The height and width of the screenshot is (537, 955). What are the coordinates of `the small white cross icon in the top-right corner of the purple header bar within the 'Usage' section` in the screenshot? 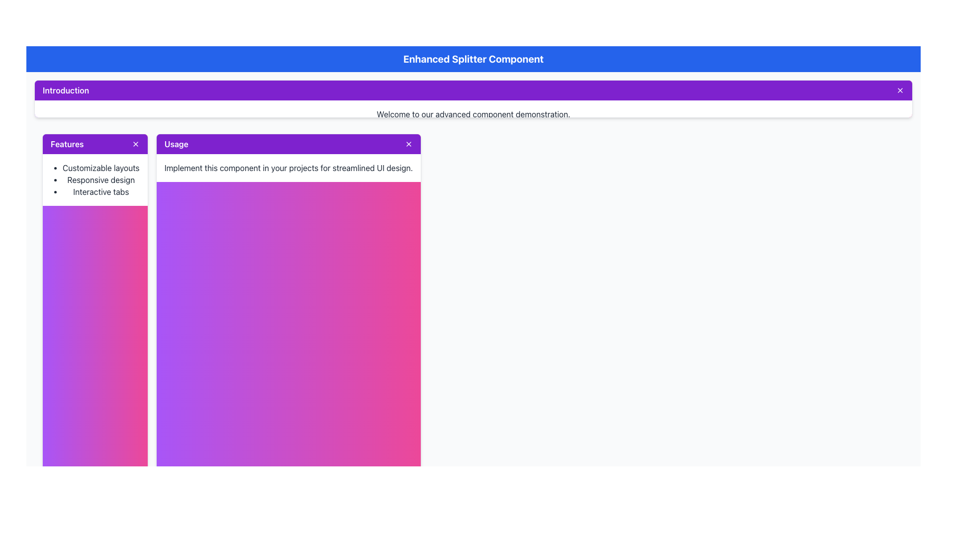 It's located at (409, 144).